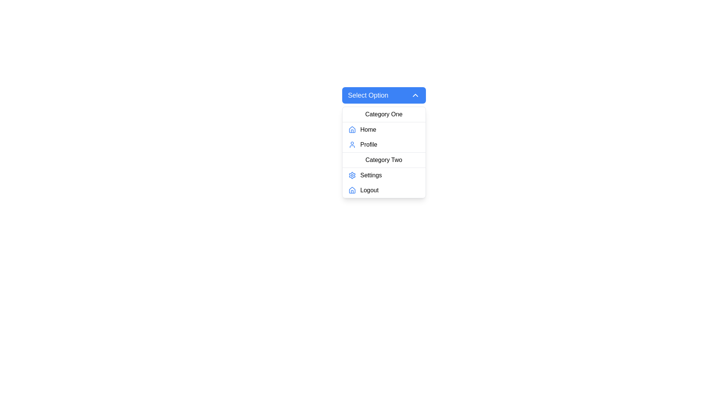  What do you see at coordinates (352, 144) in the screenshot?
I see `the user profile silhouette icon with a blue outline located to the left of the 'Profile' text in the dropdown menu` at bounding box center [352, 144].